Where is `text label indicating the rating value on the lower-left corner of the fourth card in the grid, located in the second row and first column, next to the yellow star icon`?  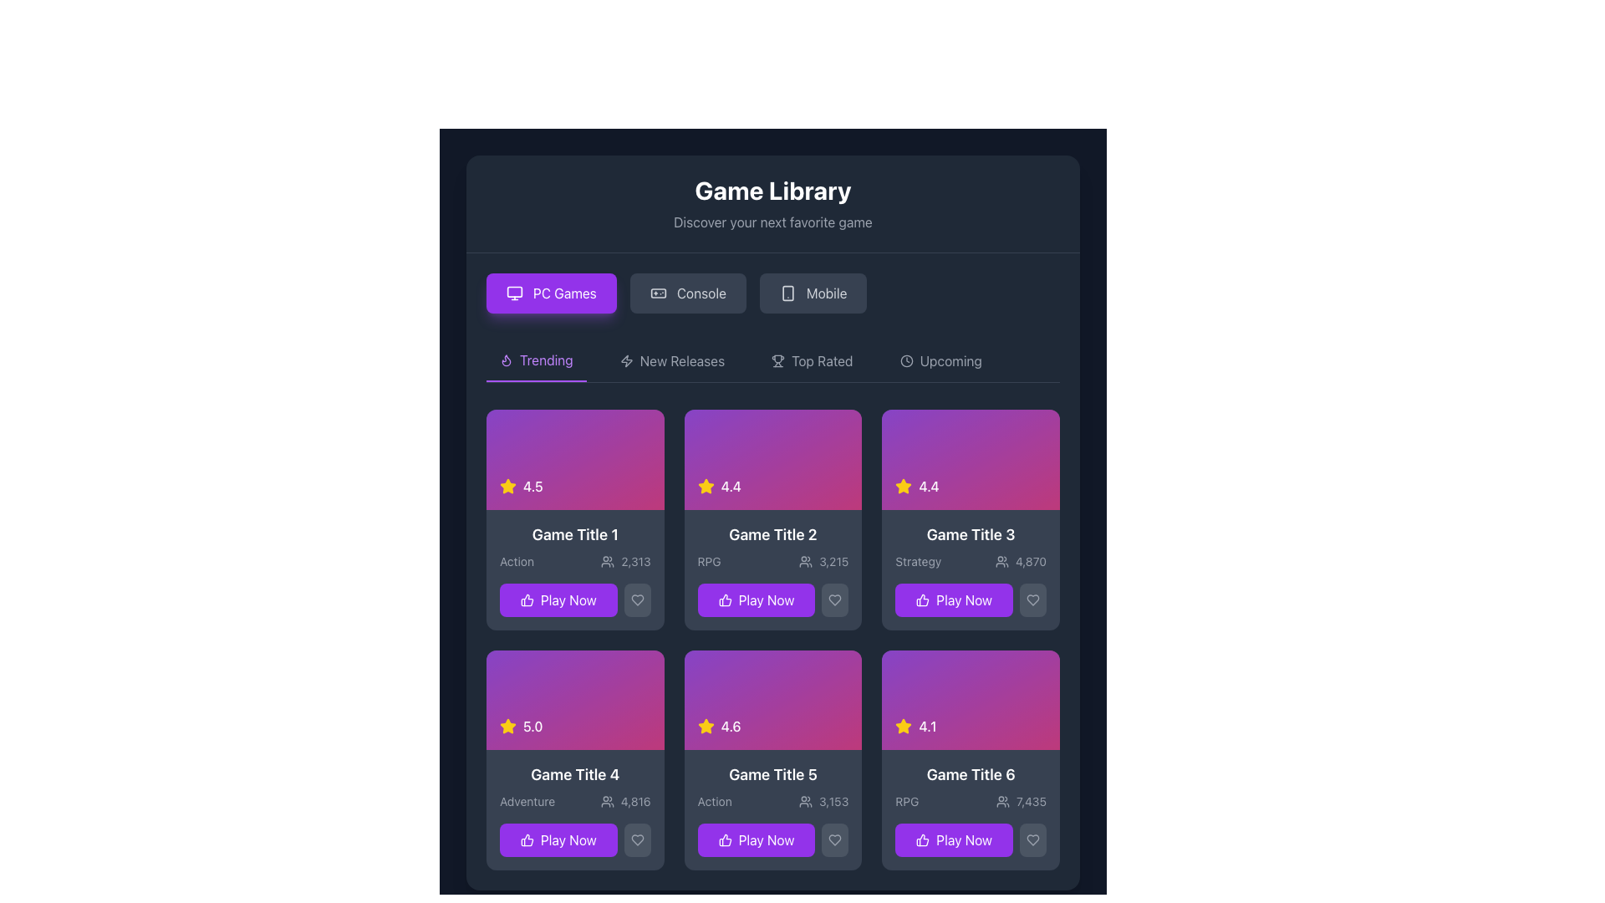
text label indicating the rating value on the lower-left corner of the fourth card in the grid, located in the second row and first column, next to the yellow star icon is located at coordinates (532, 726).